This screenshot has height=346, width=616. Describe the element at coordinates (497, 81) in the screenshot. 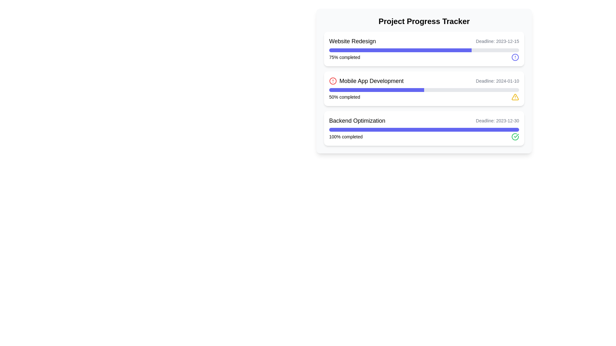

I see `the text label displaying the deadline date for the 'Mobile App Development' project, located at the bottom right of the section` at that location.